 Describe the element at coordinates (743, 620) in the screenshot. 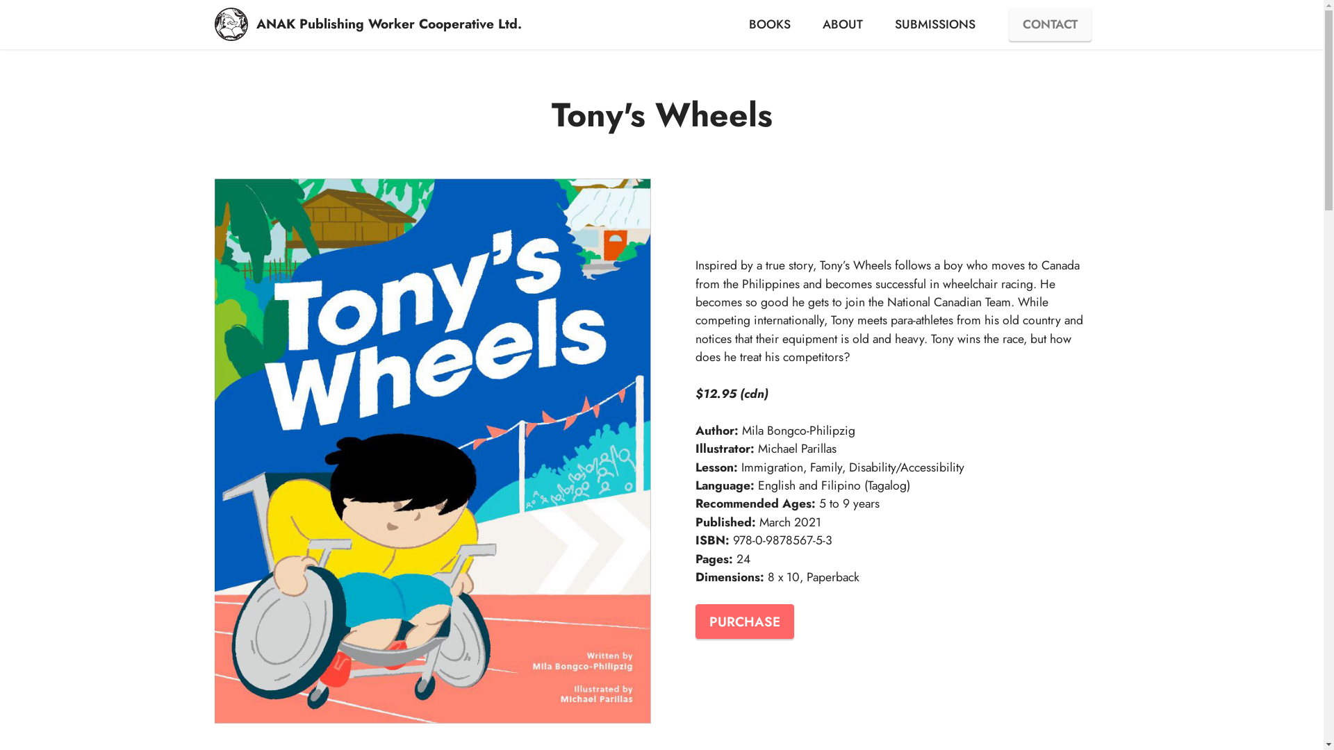

I see `'PURCHASE'` at that location.